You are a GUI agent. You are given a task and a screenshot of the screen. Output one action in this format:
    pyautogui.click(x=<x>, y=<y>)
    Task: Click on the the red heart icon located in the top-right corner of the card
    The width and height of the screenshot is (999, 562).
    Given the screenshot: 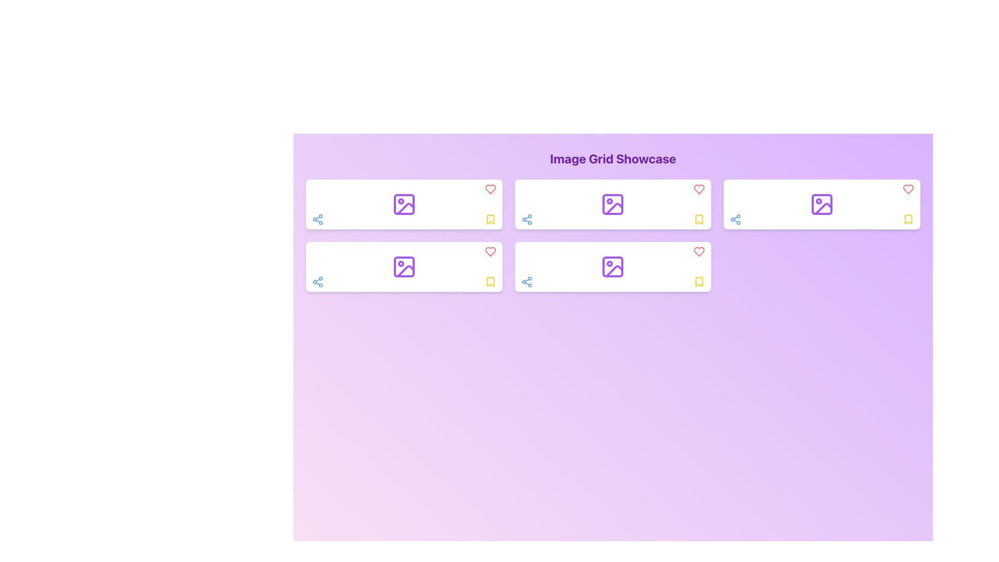 What is the action you would take?
    pyautogui.click(x=699, y=189)
    